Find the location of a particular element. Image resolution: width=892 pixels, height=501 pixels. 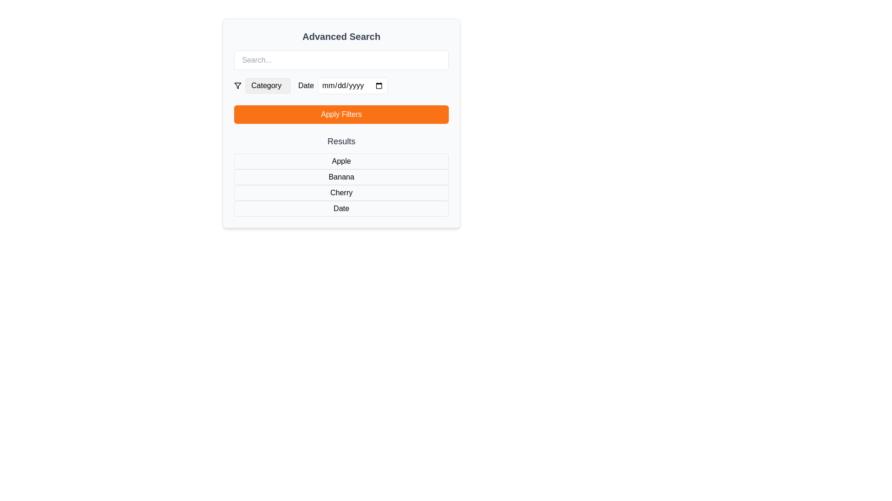

the 'Banana' button, the second element in the results list, to trigger its hover effects is located at coordinates (341, 175).